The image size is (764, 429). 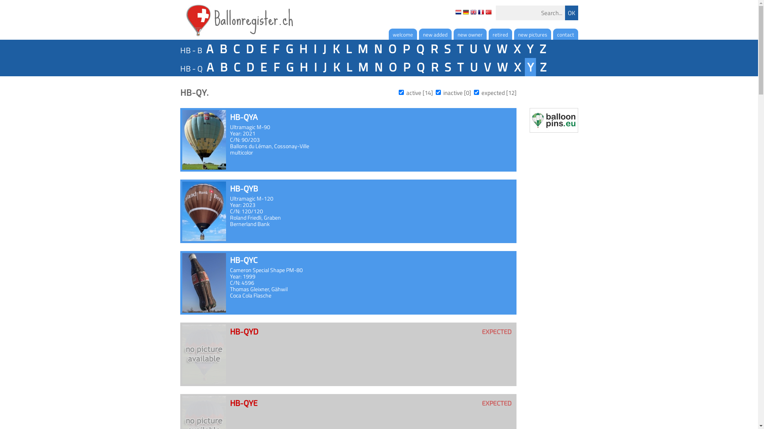 I want to click on 'E', so click(x=263, y=67).